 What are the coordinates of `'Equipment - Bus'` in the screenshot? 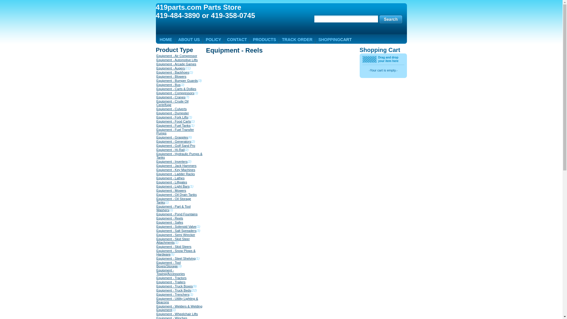 It's located at (168, 84).